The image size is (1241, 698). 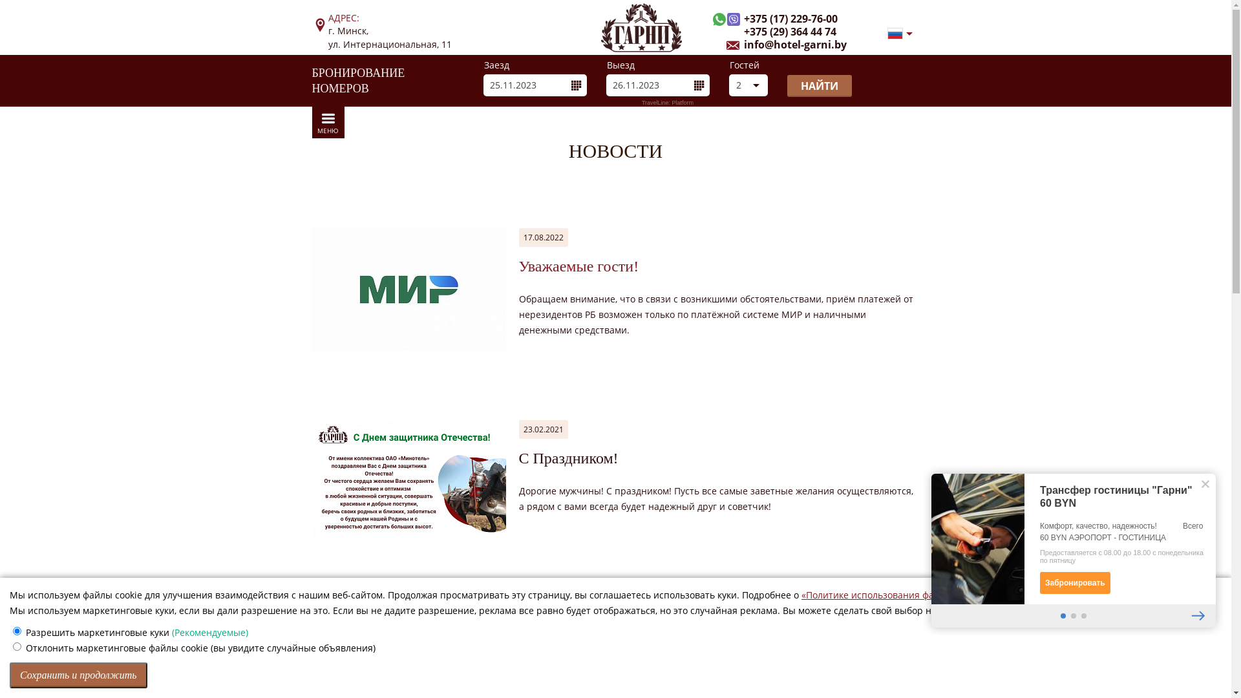 What do you see at coordinates (780, 19) in the screenshot?
I see `'+375 (17) 229-76-00'` at bounding box center [780, 19].